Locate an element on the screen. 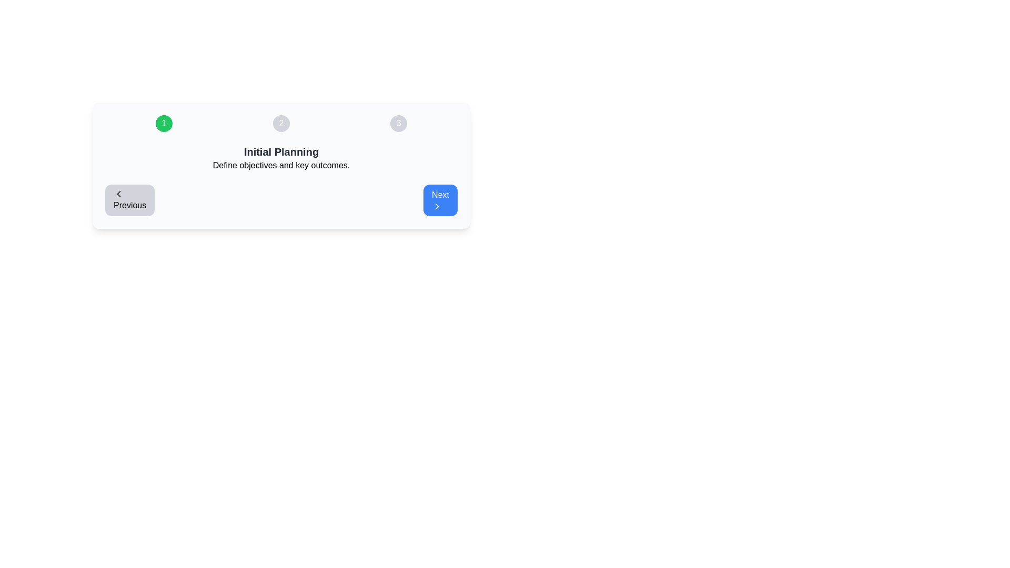  the status of the second step indicator circle in a three-step process UI, which is located between the green circle labeled '1' and the gray circle labeled '3' is located at coordinates (281, 123).